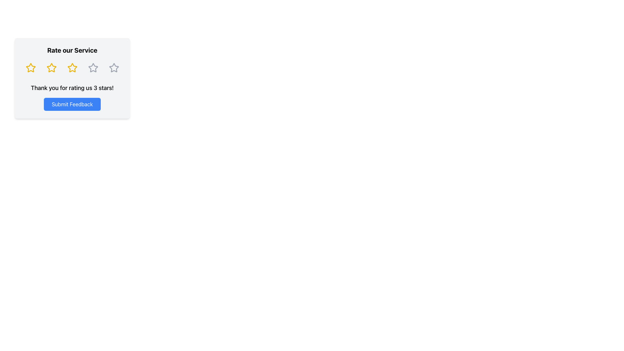  What do you see at coordinates (51, 68) in the screenshot?
I see `the second star-shaped rating icon with a yellow border` at bounding box center [51, 68].